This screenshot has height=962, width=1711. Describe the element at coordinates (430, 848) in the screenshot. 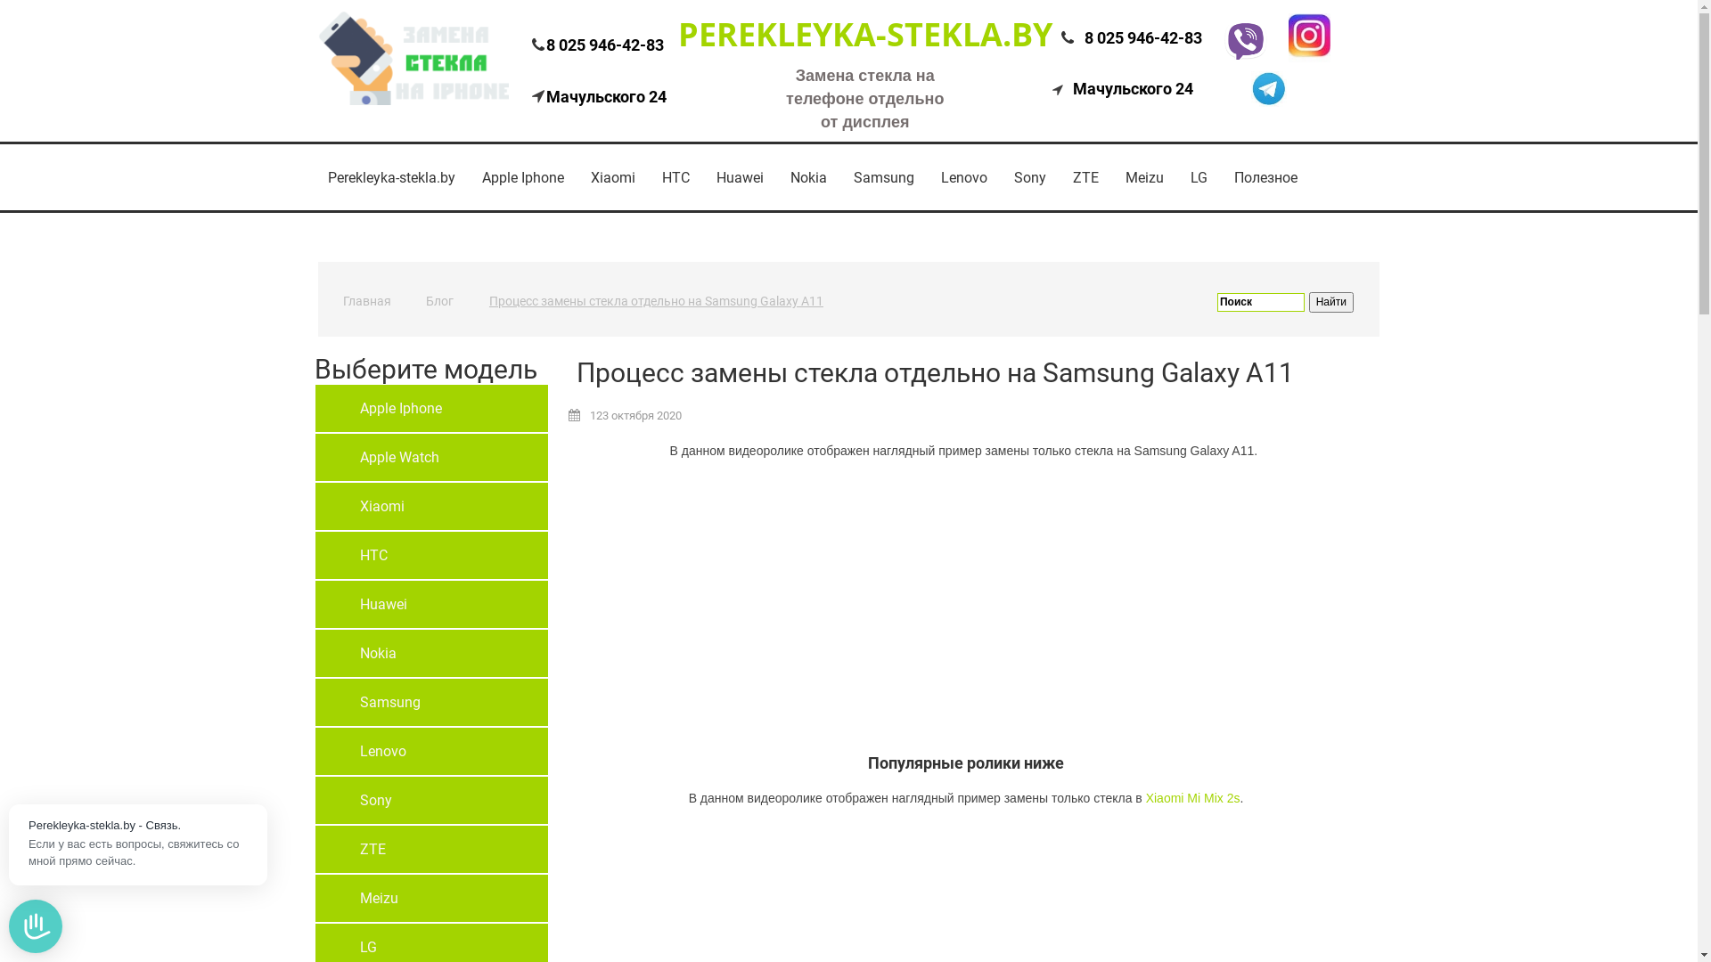

I see `'ZTE'` at that location.